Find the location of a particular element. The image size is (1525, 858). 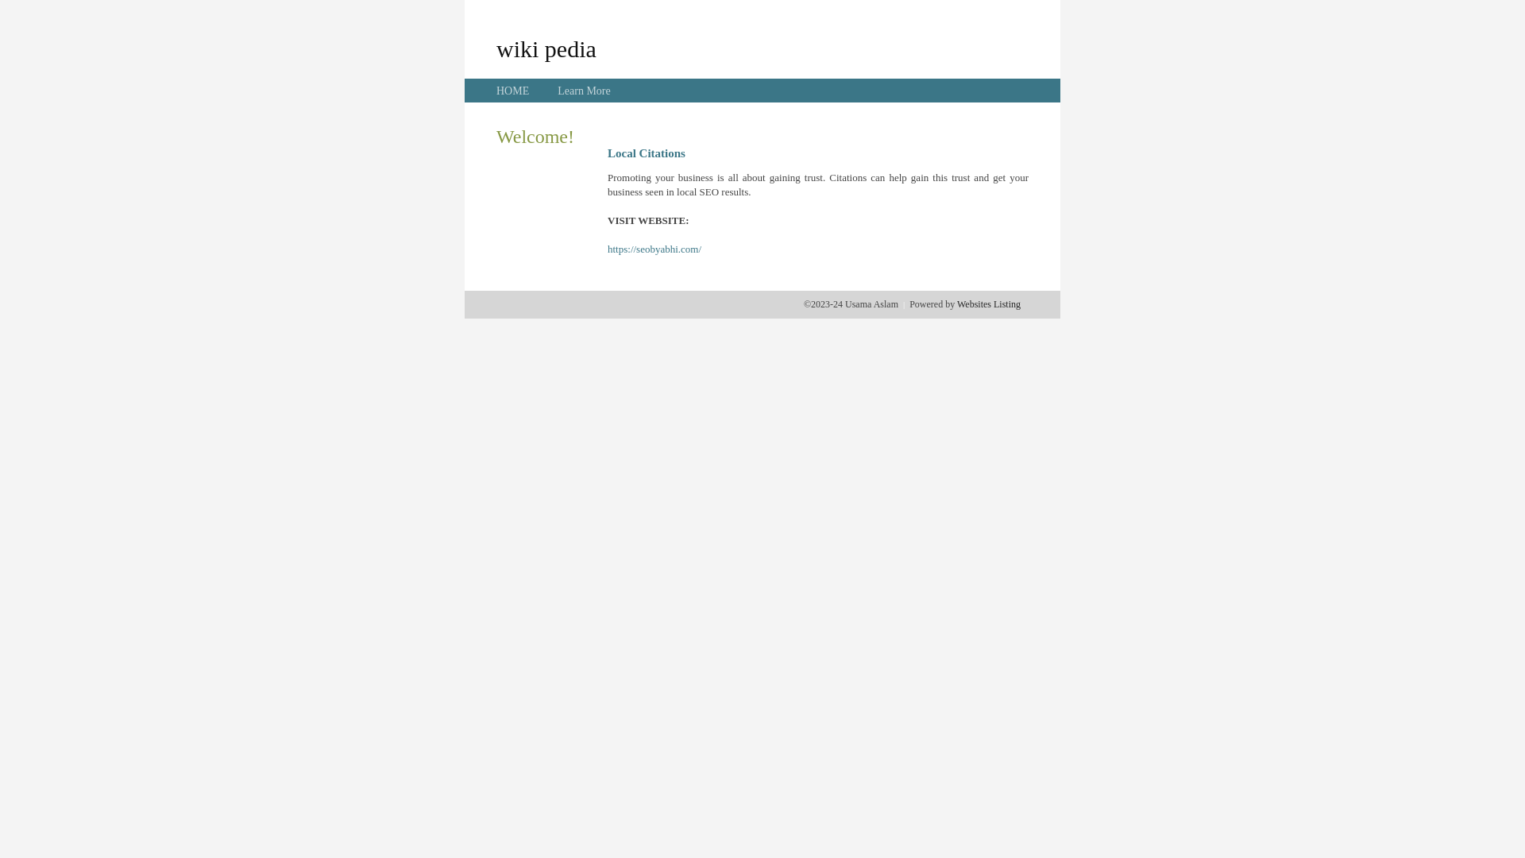

'Websites Listing' is located at coordinates (987, 303).